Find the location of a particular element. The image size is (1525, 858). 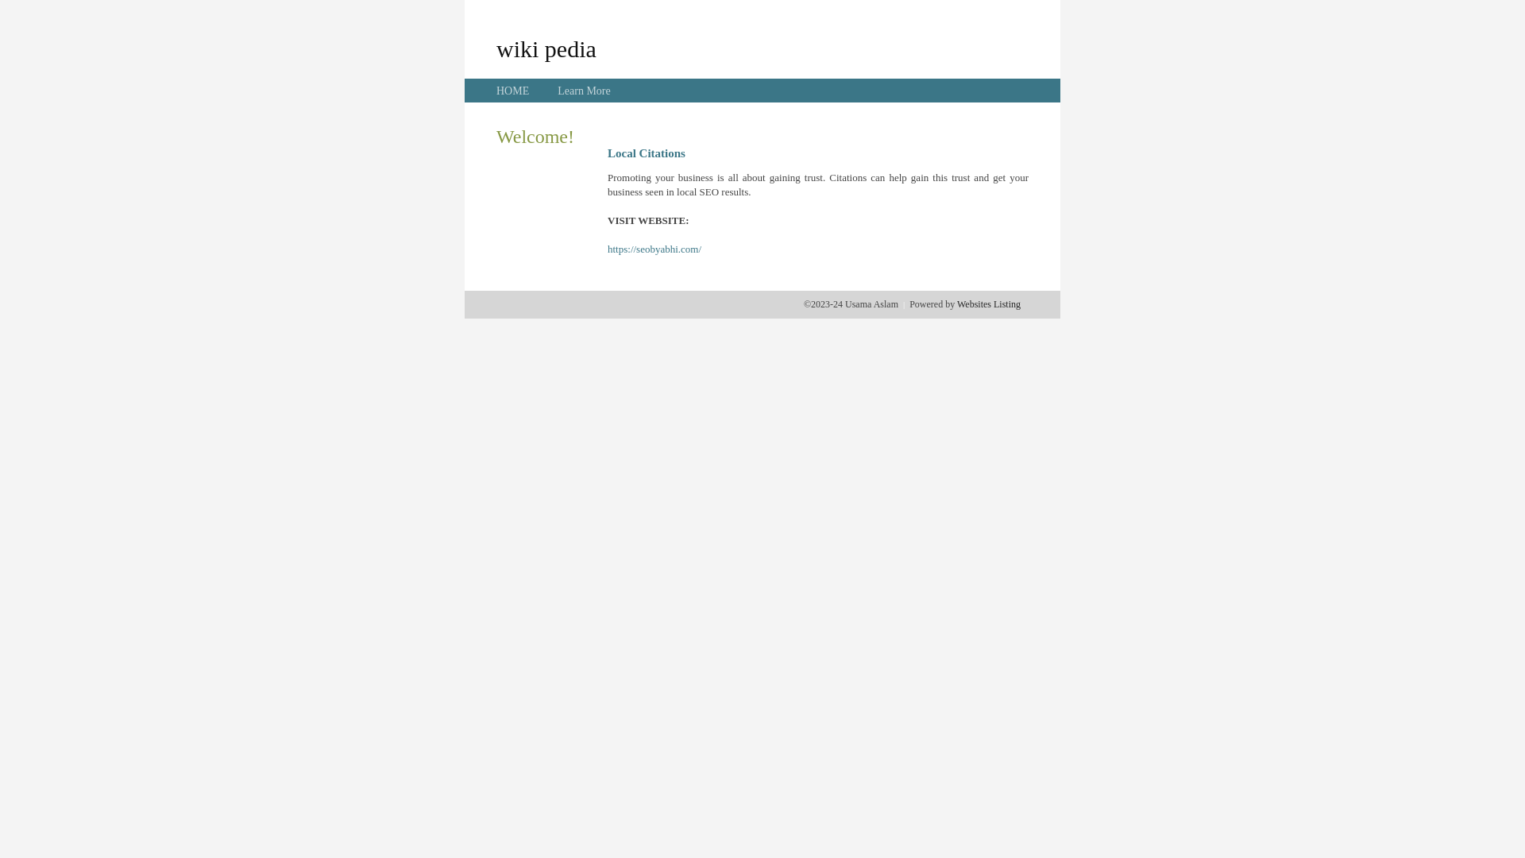

'Websites Listing' is located at coordinates (987, 303).